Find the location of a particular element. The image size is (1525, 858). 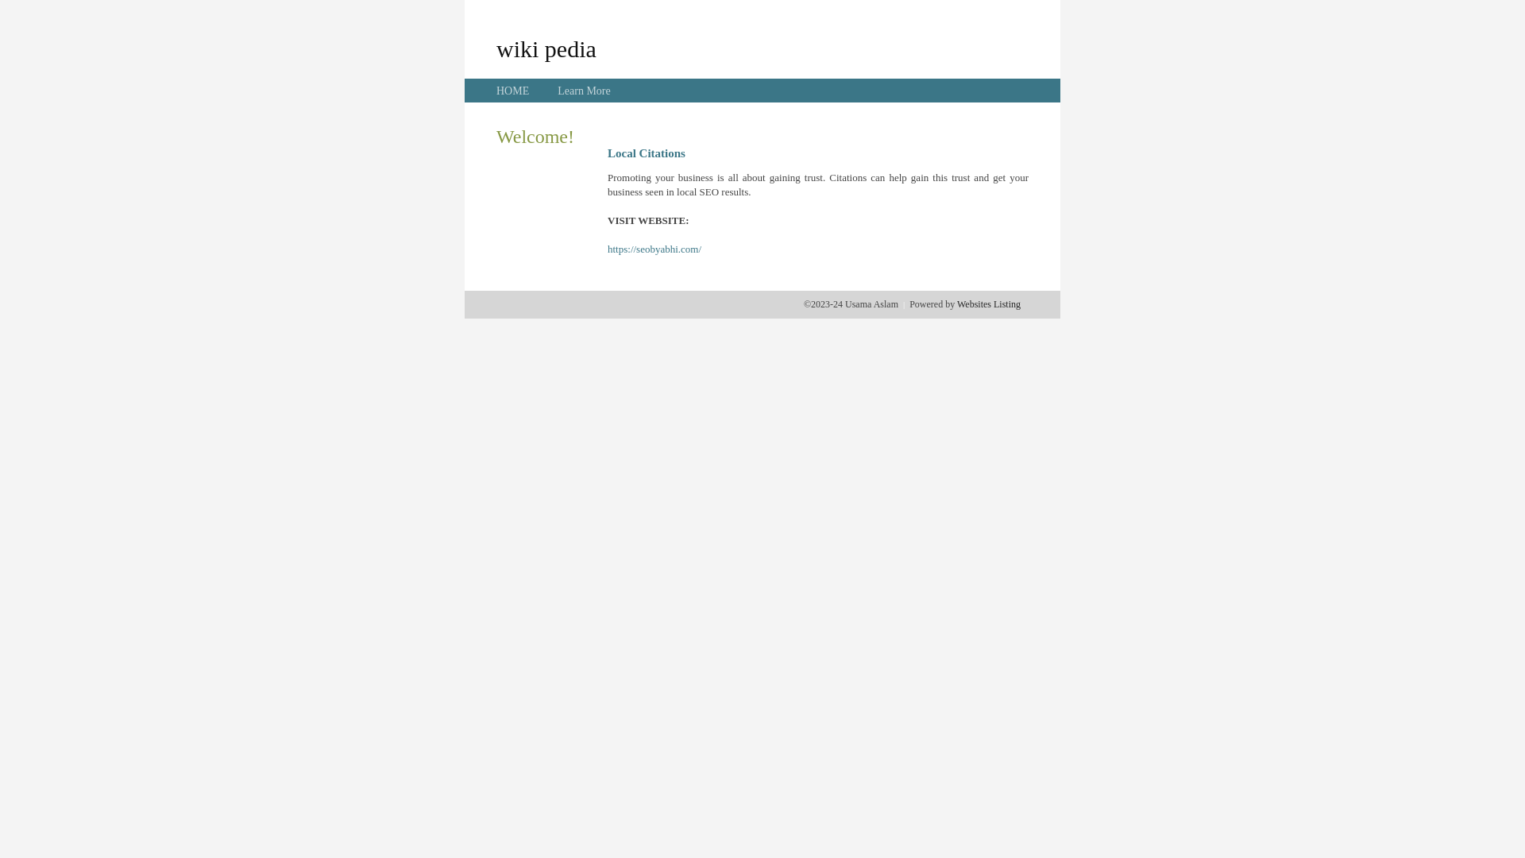

'Websites Listing' is located at coordinates (987, 303).